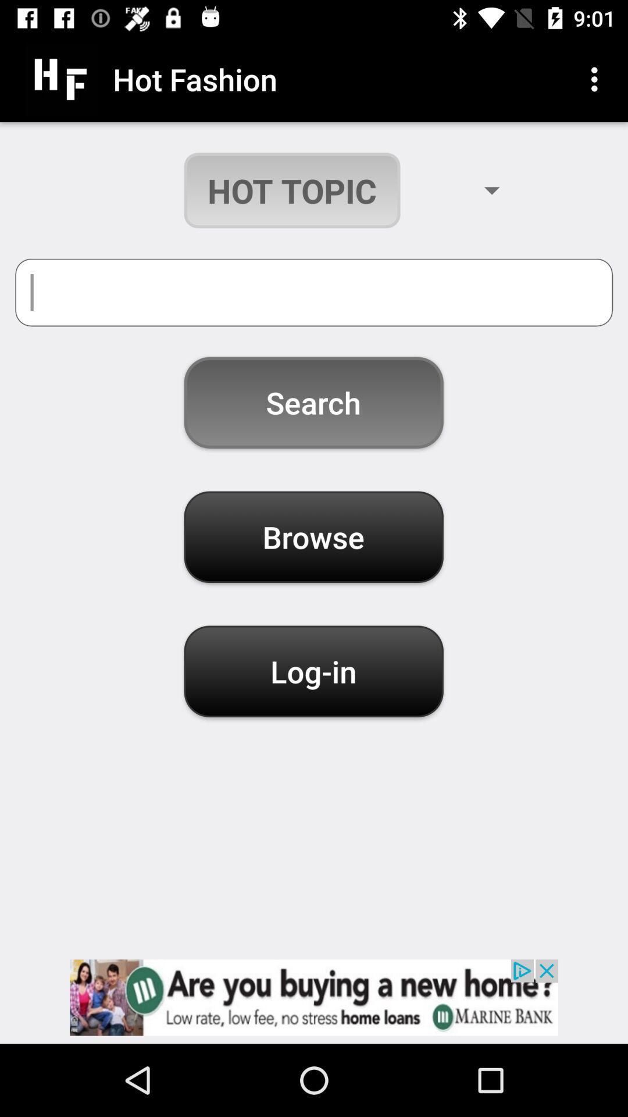 This screenshot has height=1117, width=628. I want to click on open the advertisement link, so click(314, 997).